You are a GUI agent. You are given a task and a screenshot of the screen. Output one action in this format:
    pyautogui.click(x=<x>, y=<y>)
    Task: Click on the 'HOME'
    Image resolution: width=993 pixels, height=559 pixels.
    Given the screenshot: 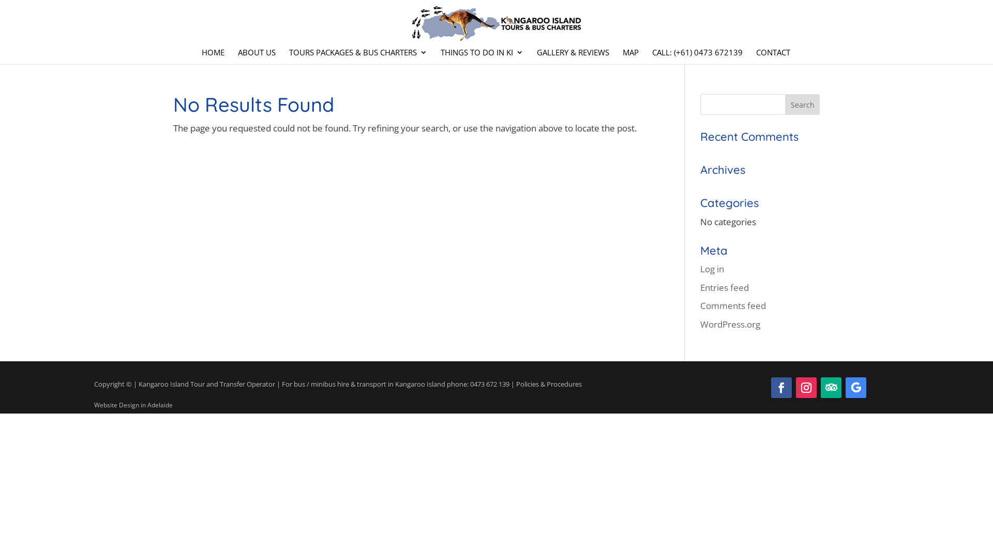 What is the action you would take?
    pyautogui.click(x=213, y=56)
    